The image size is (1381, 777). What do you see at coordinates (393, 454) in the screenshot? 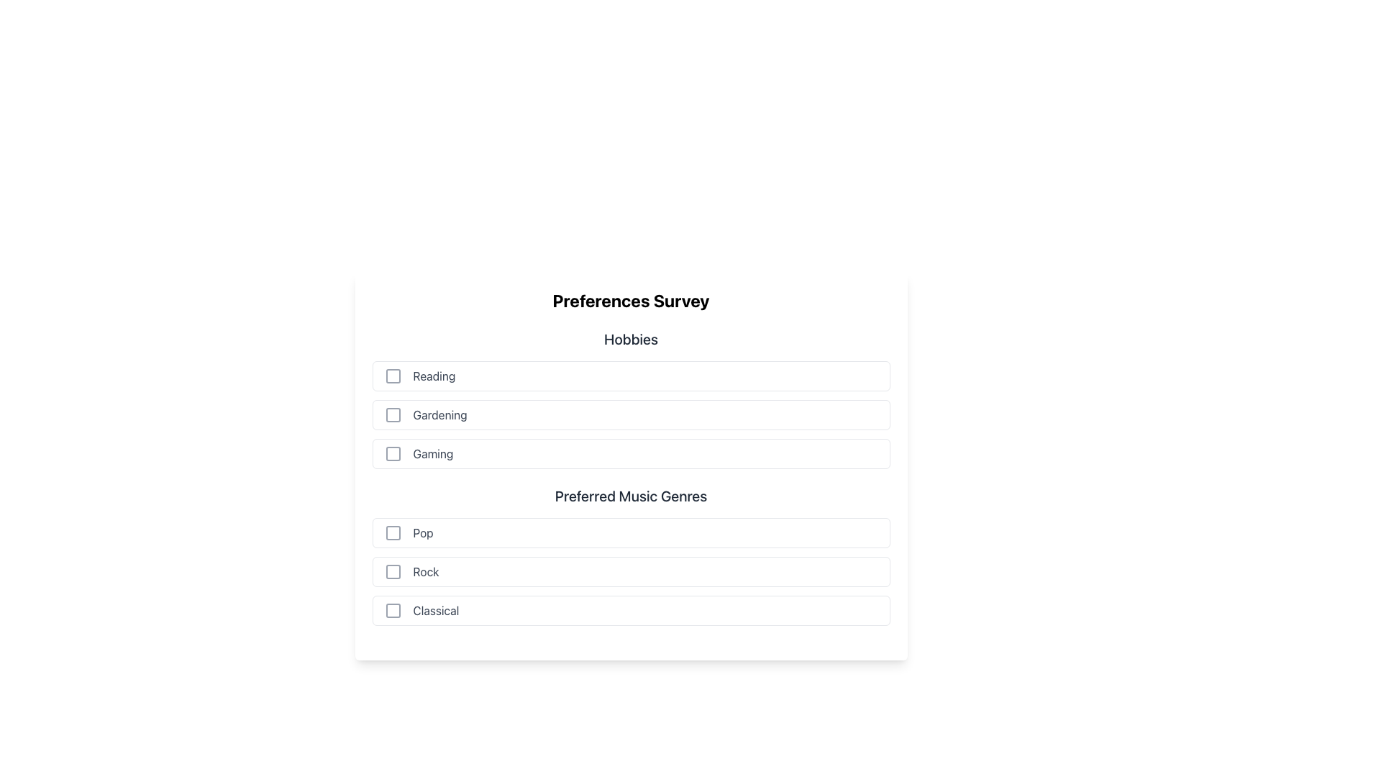
I see `the interactive checkbox for the 'Gaming' option located in the third position under the 'Hobbies' section of the Preferences Survey` at bounding box center [393, 454].